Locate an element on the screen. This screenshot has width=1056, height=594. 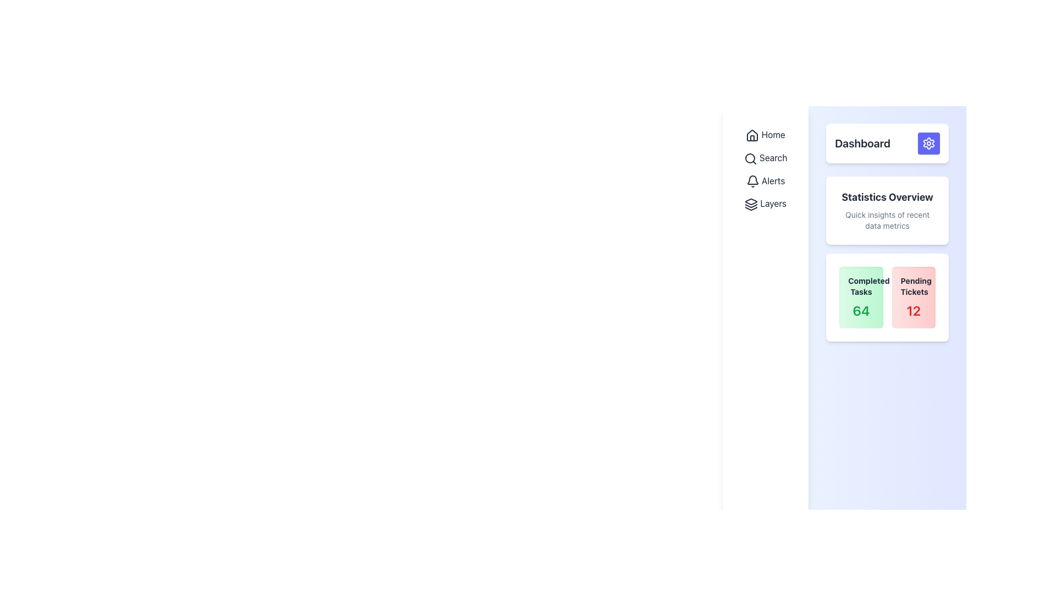
the 'Layers' button is located at coordinates (765, 204).